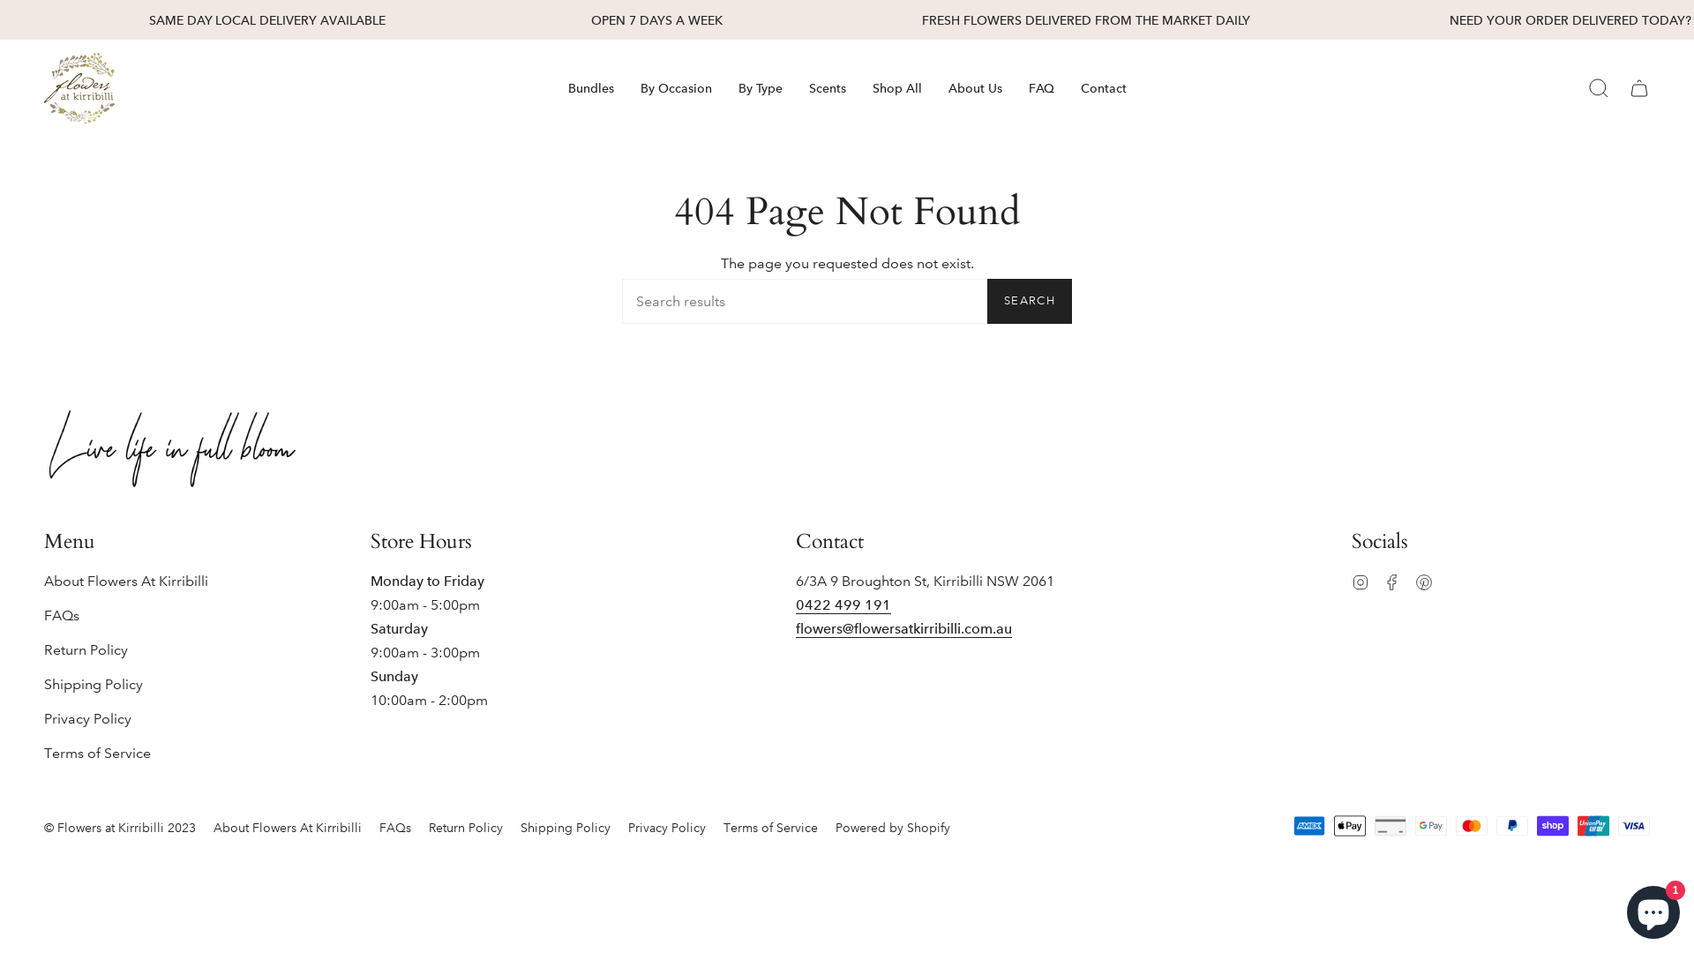 This screenshot has height=953, width=1694. I want to click on 'Shop All', so click(897, 88).